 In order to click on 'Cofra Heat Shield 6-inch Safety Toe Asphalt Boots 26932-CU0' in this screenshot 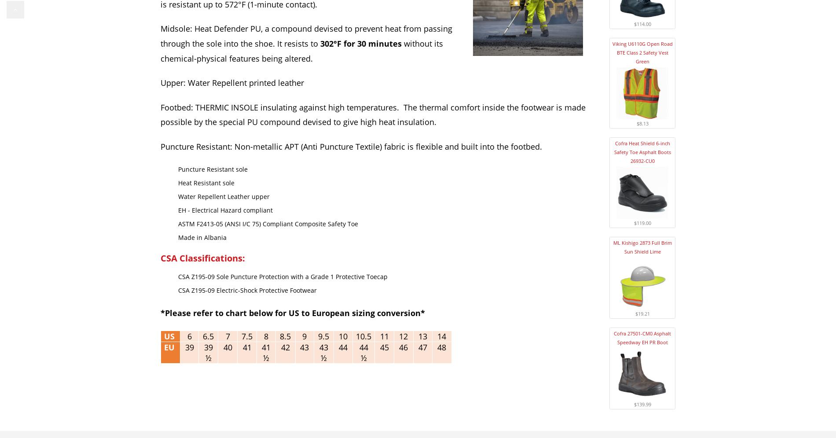, I will do `click(642, 151)`.